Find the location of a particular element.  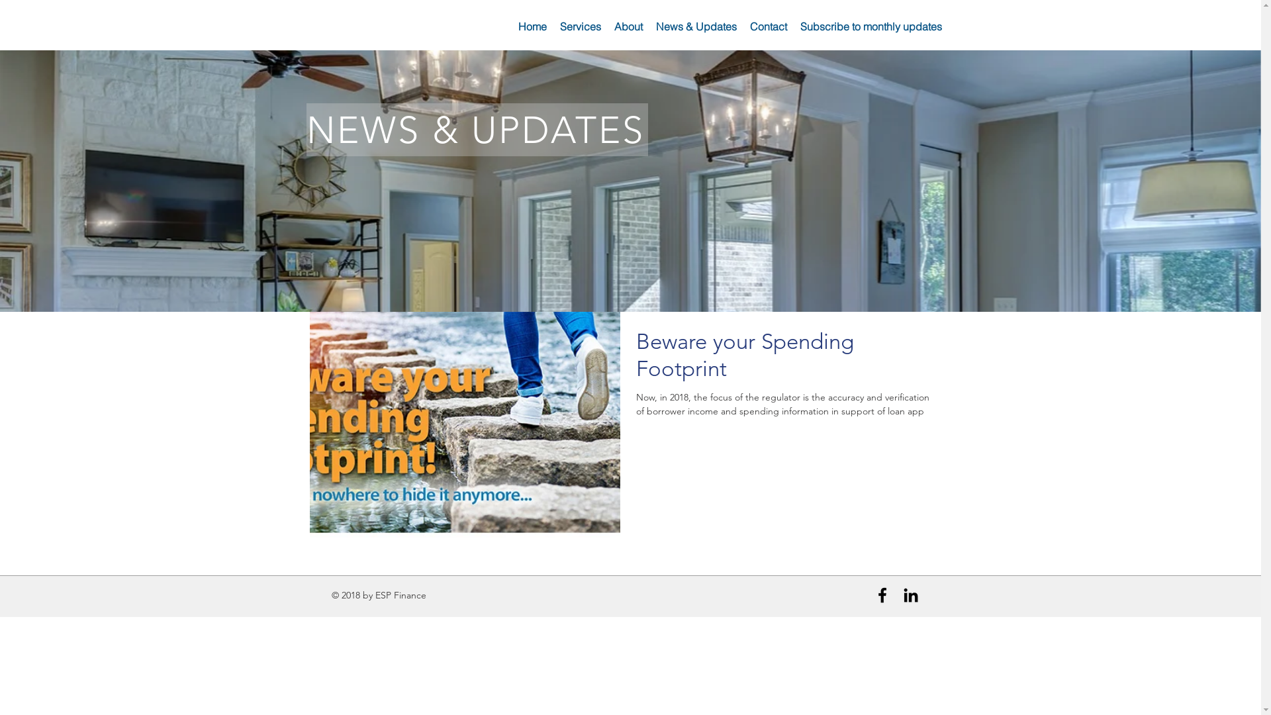

'Subscribe to monthly updates' is located at coordinates (871, 26).